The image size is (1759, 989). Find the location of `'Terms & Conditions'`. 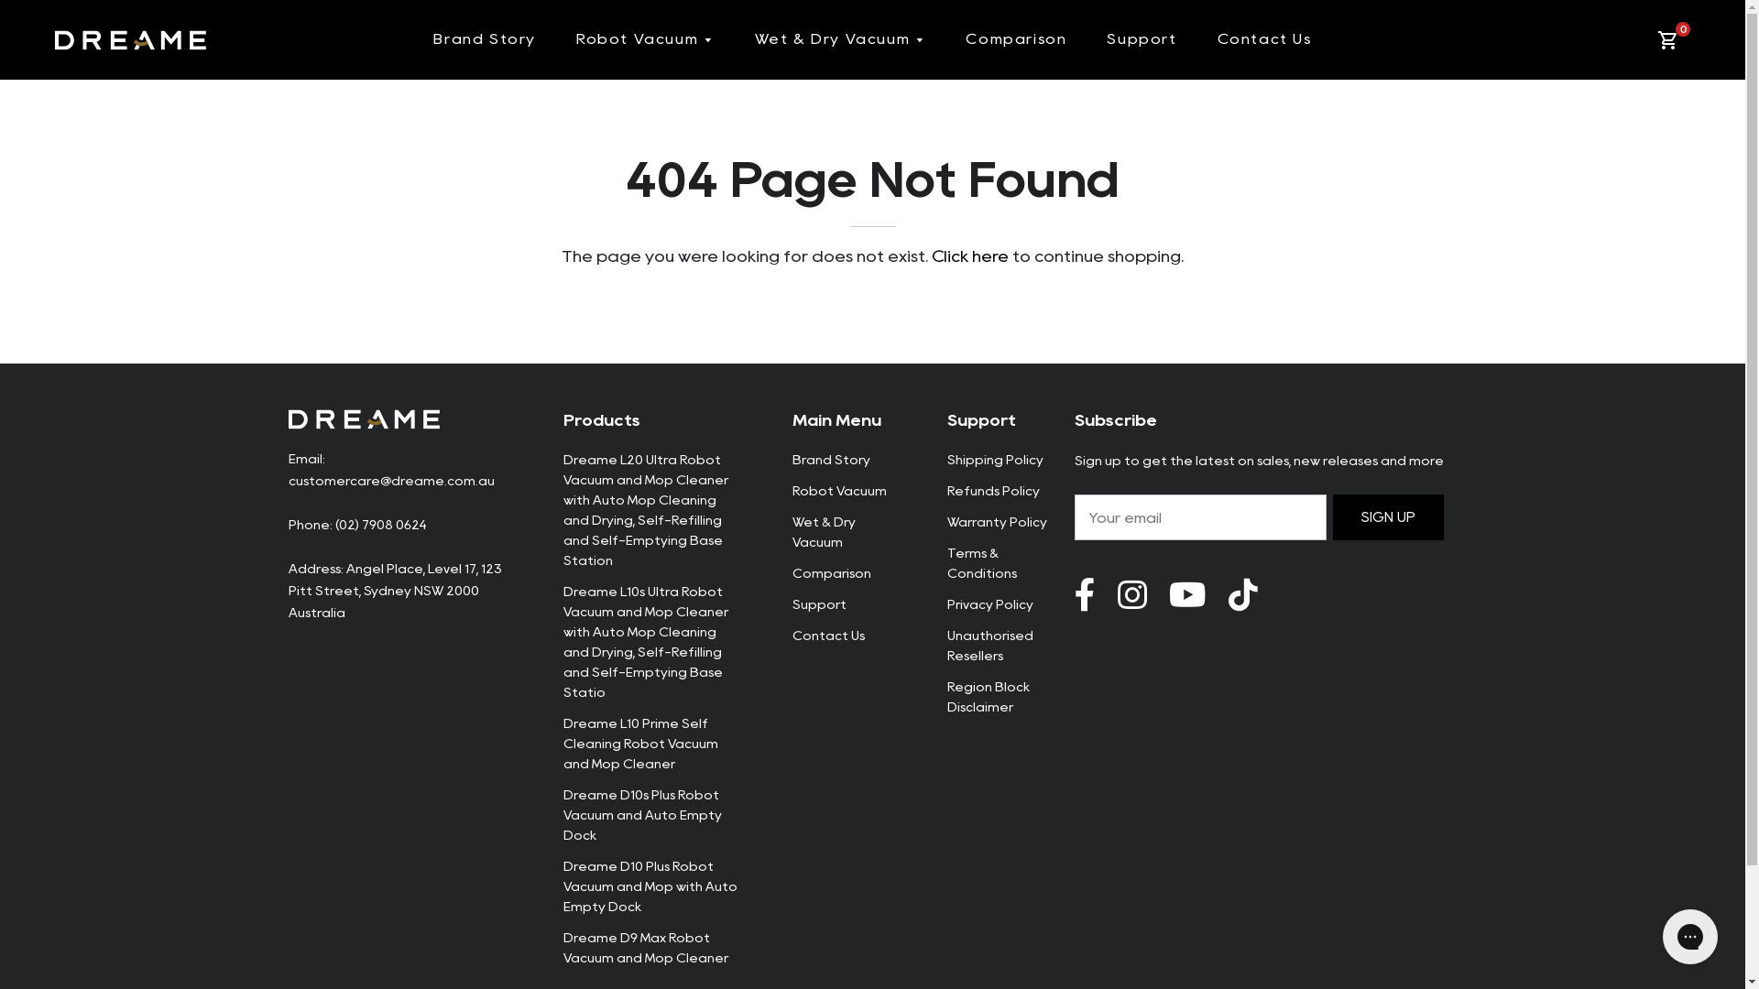

'Terms & Conditions' is located at coordinates (980, 561).